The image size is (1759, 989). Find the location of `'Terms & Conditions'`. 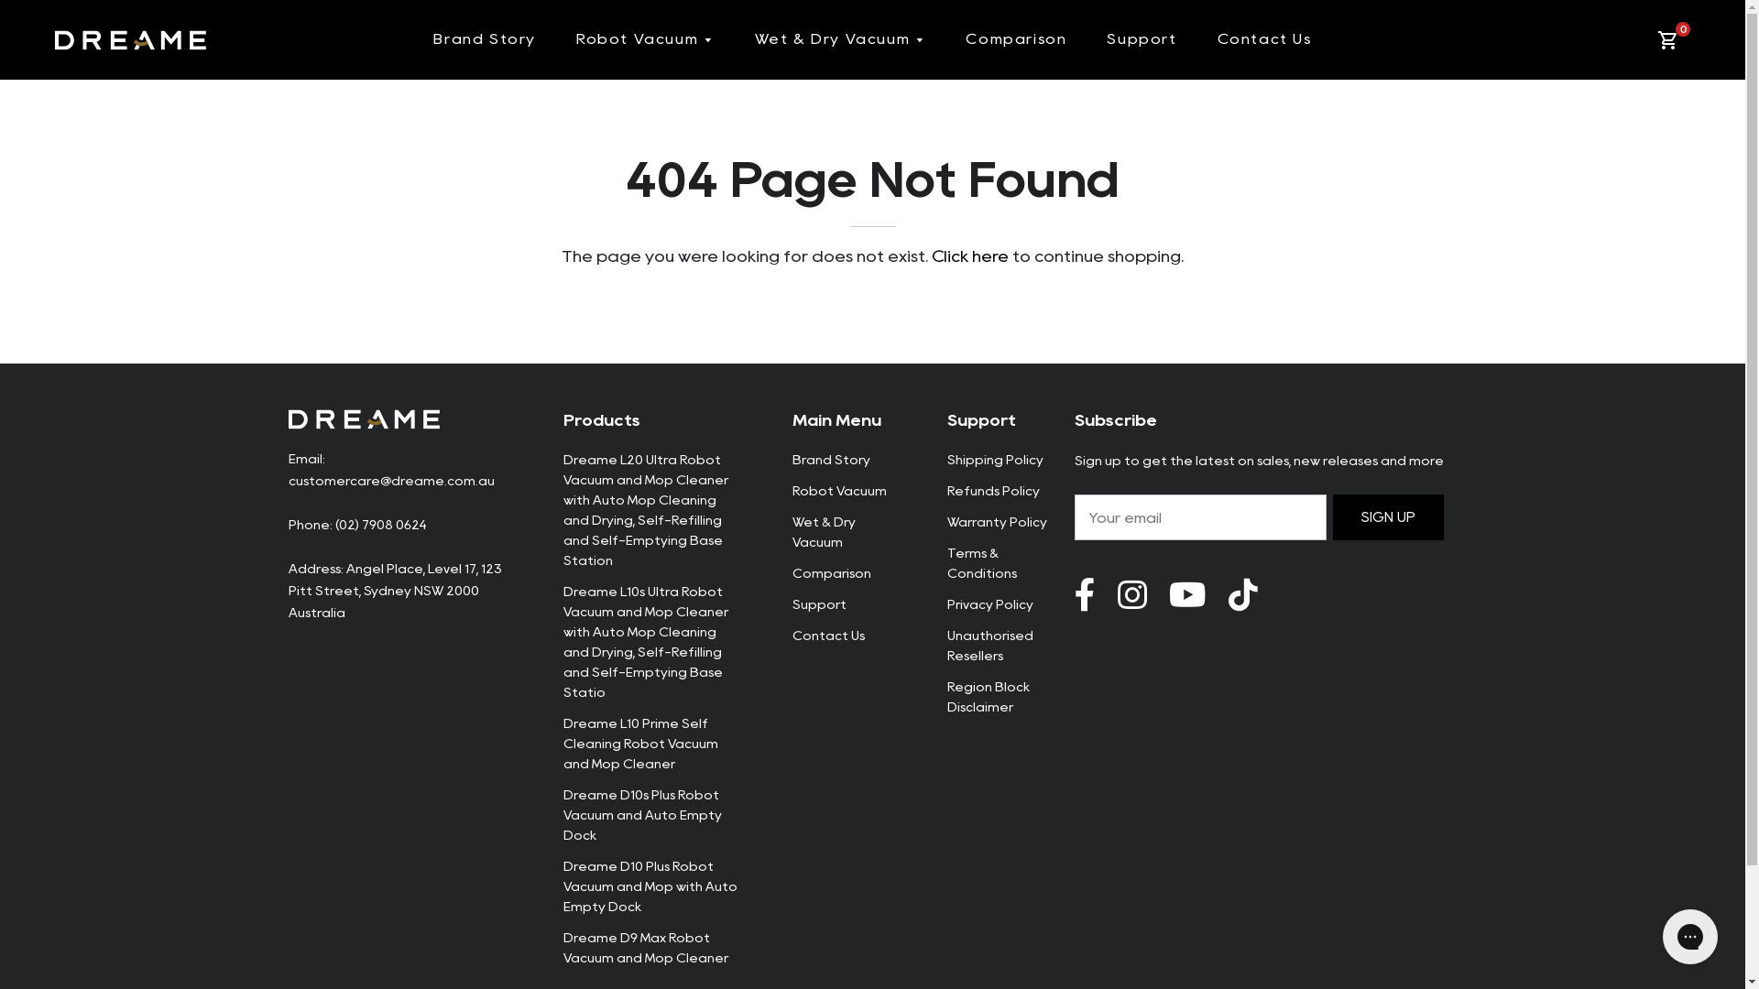

'Terms & Conditions' is located at coordinates (980, 561).